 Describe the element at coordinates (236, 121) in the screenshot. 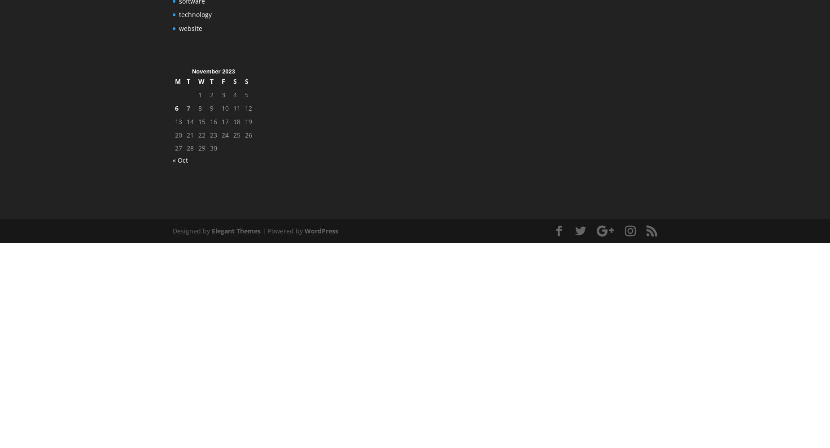

I see `'18'` at that location.